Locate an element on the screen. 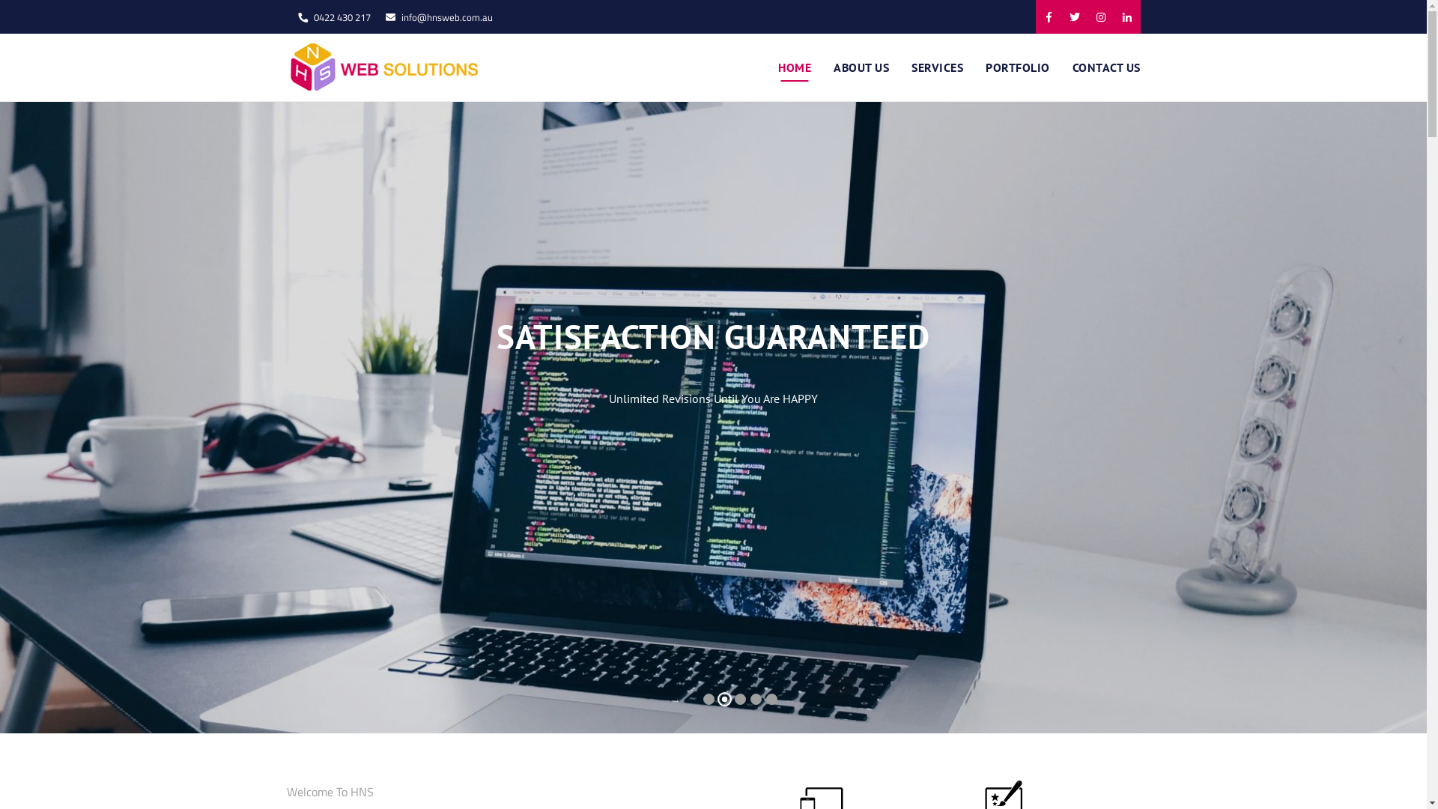  'HOME' is located at coordinates (793, 66).